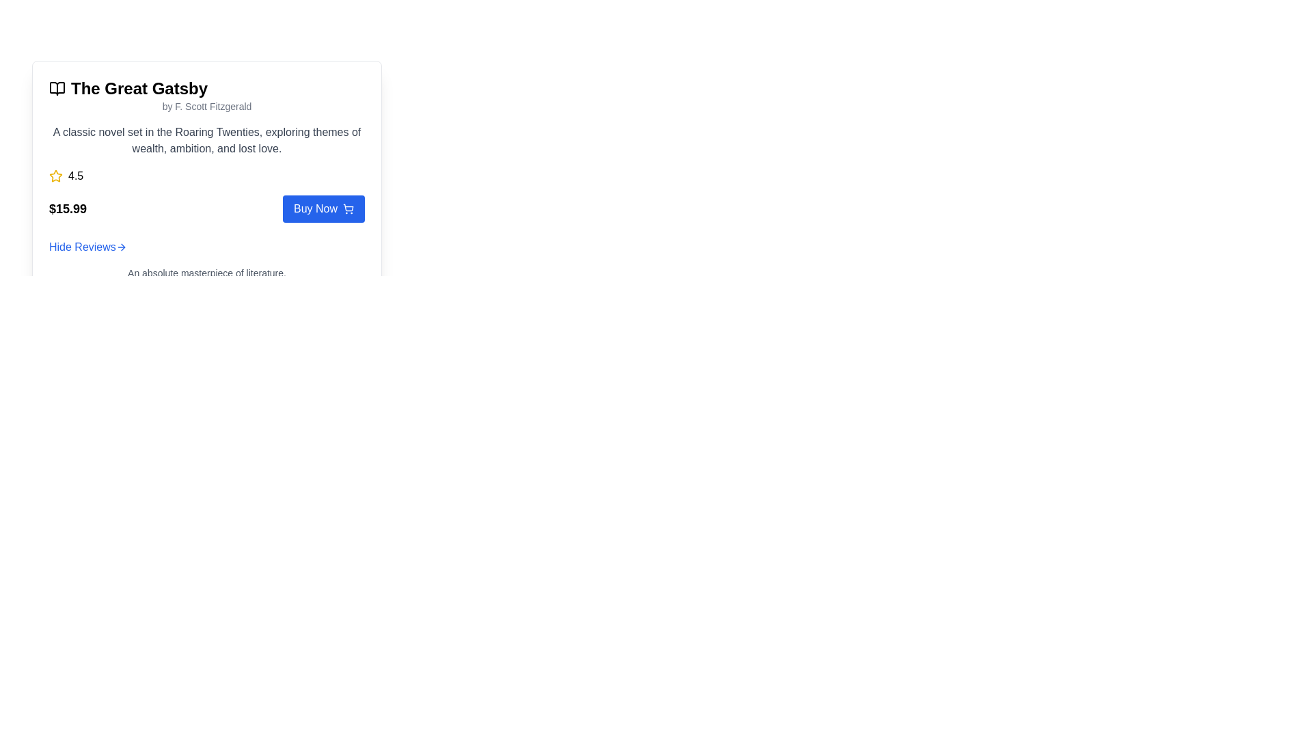 This screenshot has height=738, width=1312. I want to click on the title of the section that prominently displays the book's name, located at the top of the boxed card interface, so click(206, 89).